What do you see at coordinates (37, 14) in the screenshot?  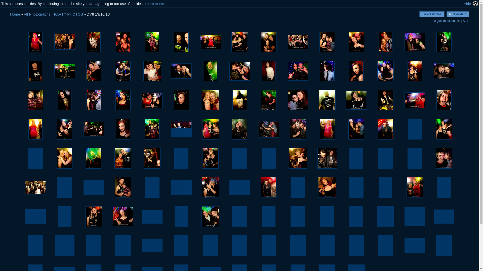 I see `'All Photographs'` at bounding box center [37, 14].